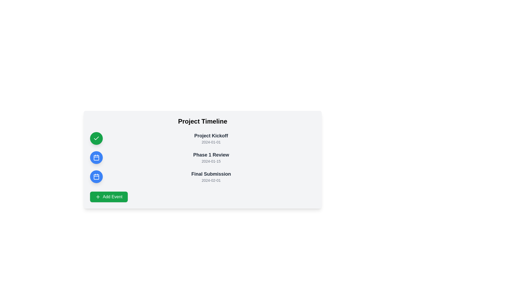  Describe the element at coordinates (211, 142) in the screenshot. I see `the text label displaying the date '2024-01-01', which is styled in gray and positioned below 'Project Kickoff' within the timeline box` at that location.